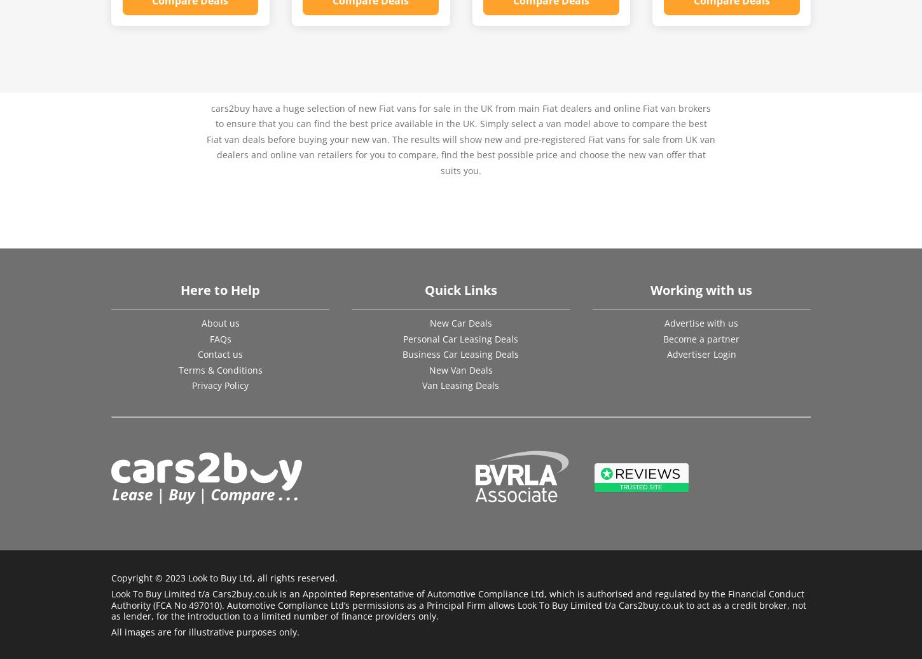 The width and height of the screenshot is (922, 659). What do you see at coordinates (219, 338) in the screenshot?
I see `'FAQs'` at bounding box center [219, 338].